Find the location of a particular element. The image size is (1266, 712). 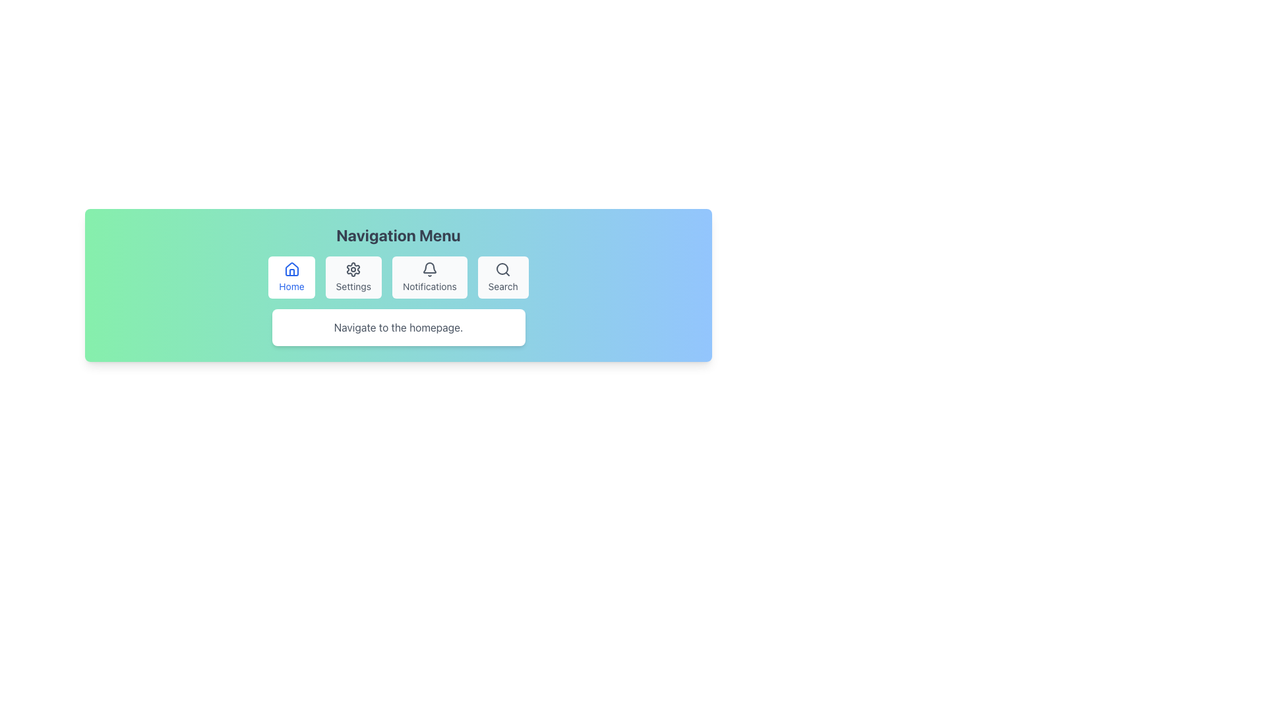

the 'Notifications' text label located in the navigation menu, which is the third option from the left and situated beneath the bell icon is located at coordinates (429, 286).